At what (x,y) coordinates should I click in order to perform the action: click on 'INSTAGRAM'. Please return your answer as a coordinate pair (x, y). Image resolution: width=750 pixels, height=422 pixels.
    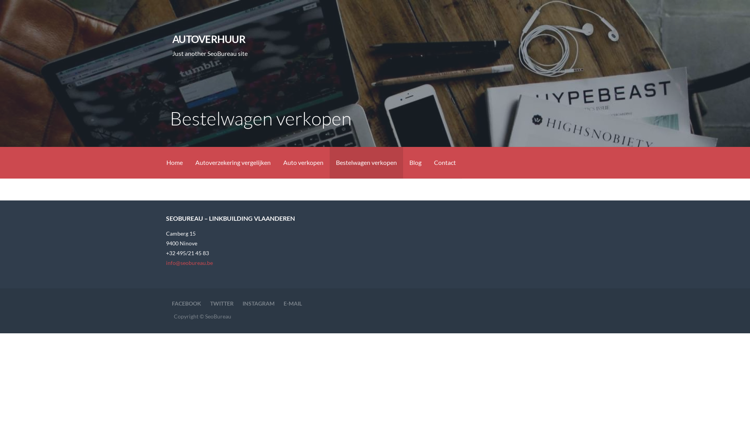
    Looking at the image, I should click on (259, 303).